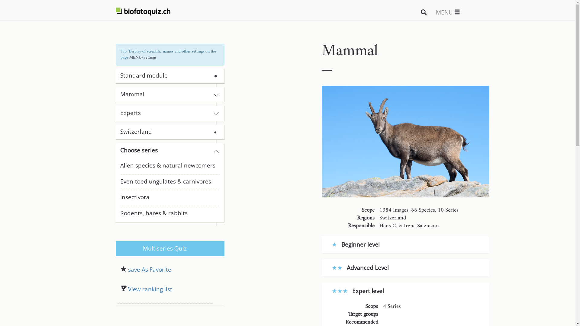  I want to click on 'MENU', so click(448, 12).